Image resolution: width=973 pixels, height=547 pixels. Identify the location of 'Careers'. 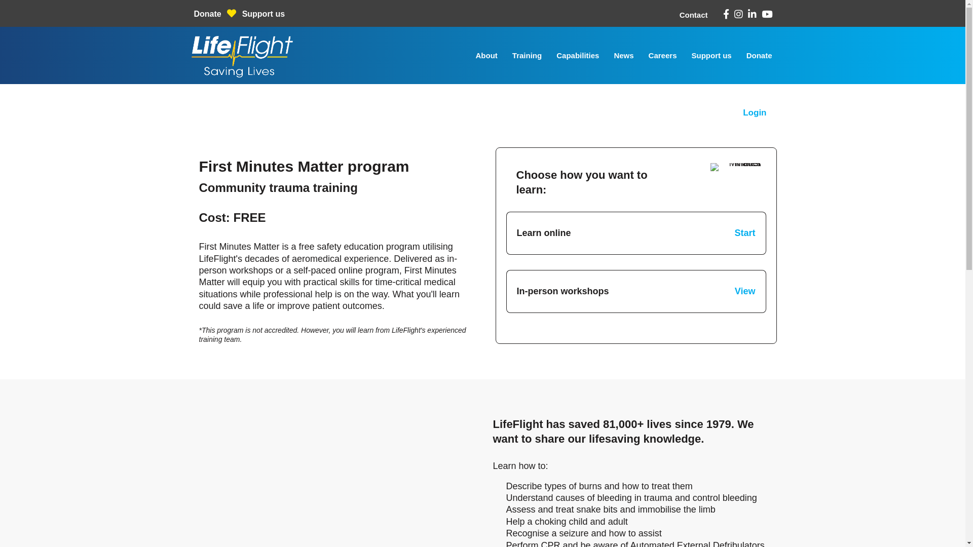
(663, 55).